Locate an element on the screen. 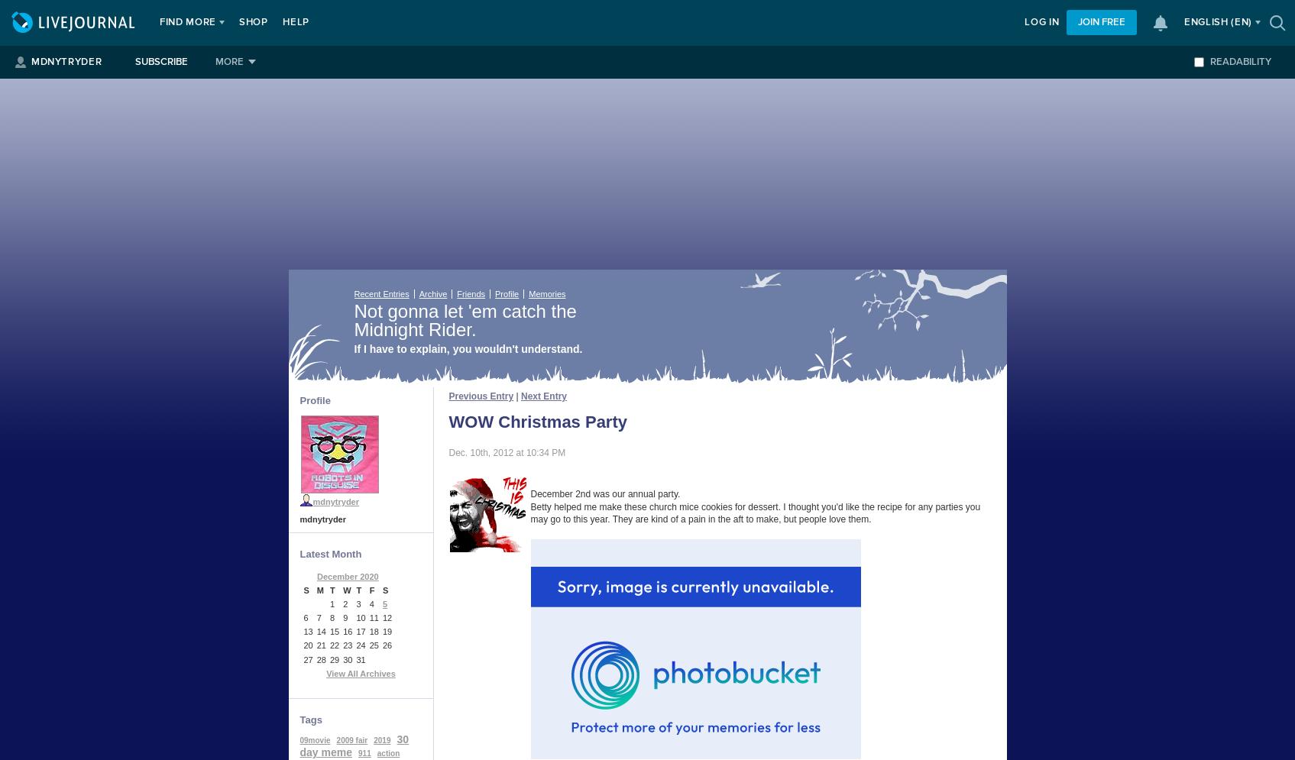  '(en)' is located at coordinates (1241, 22).